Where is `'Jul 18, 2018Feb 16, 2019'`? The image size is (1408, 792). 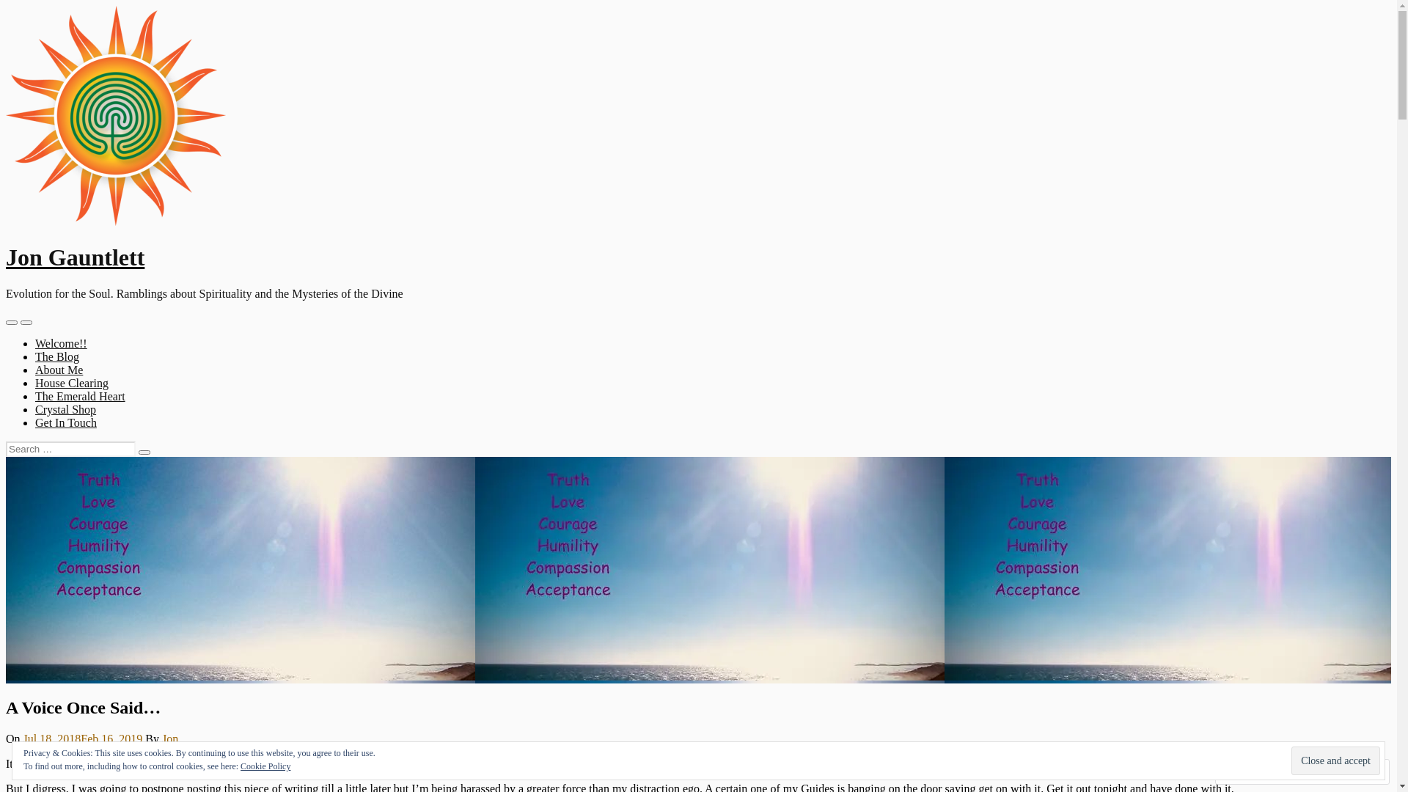
'Jul 18, 2018Feb 16, 2019' is located at coordinates (82, 738).